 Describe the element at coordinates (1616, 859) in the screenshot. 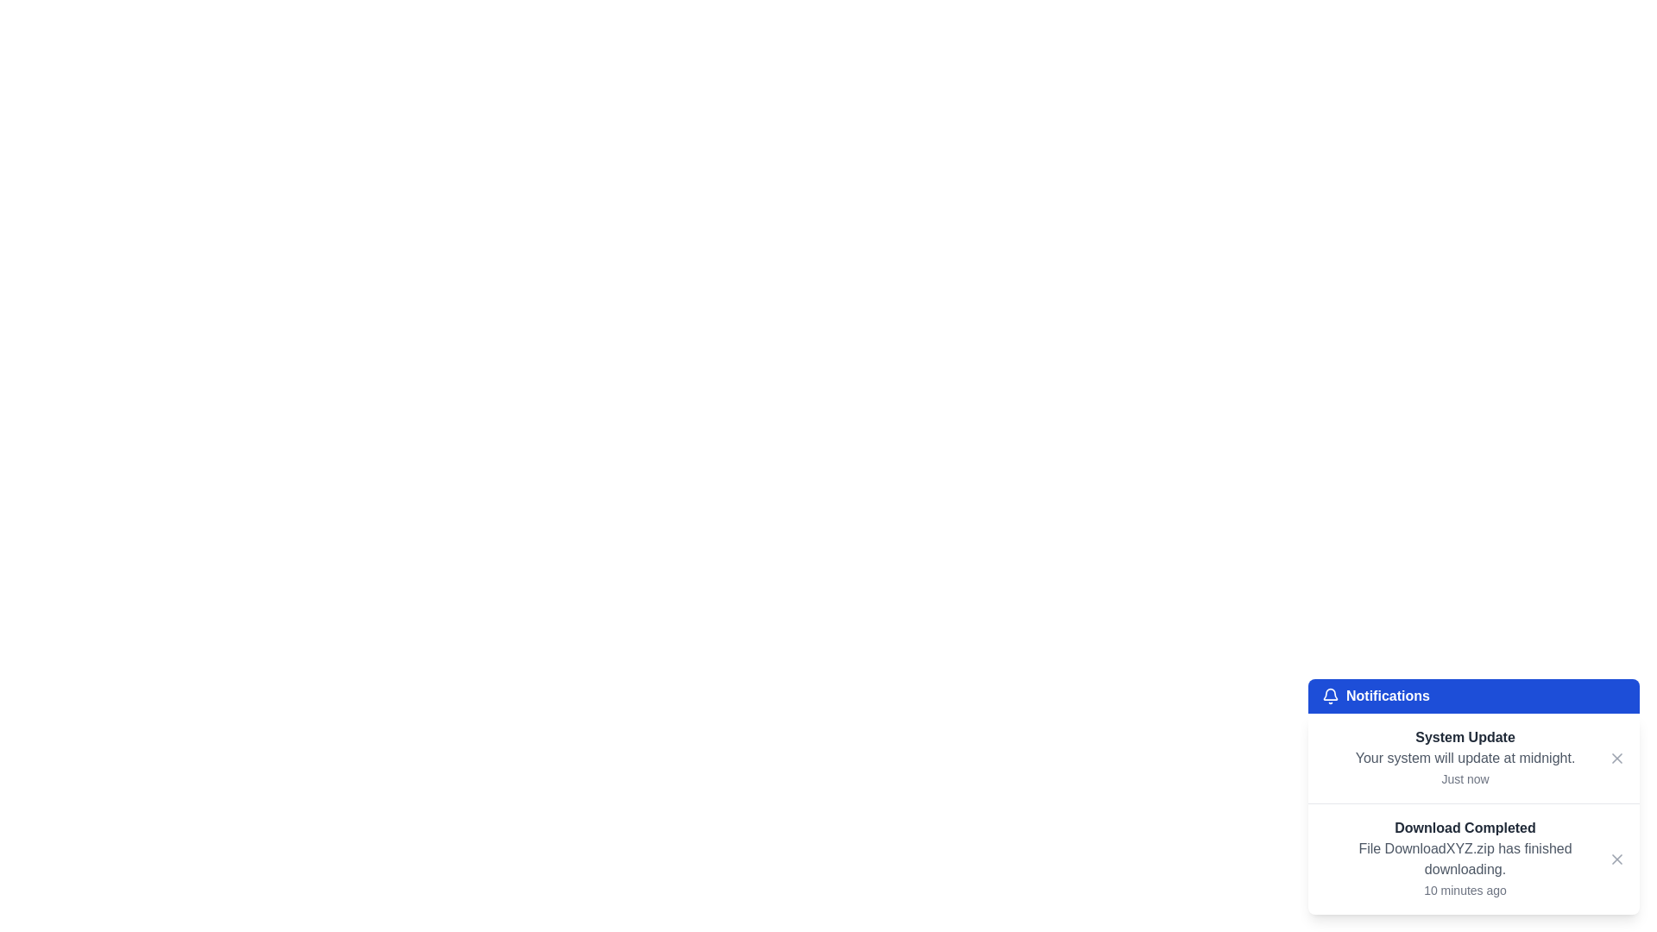

I see `the icon button located at the far-right end of the 'Download Completed' notification card` at that location.